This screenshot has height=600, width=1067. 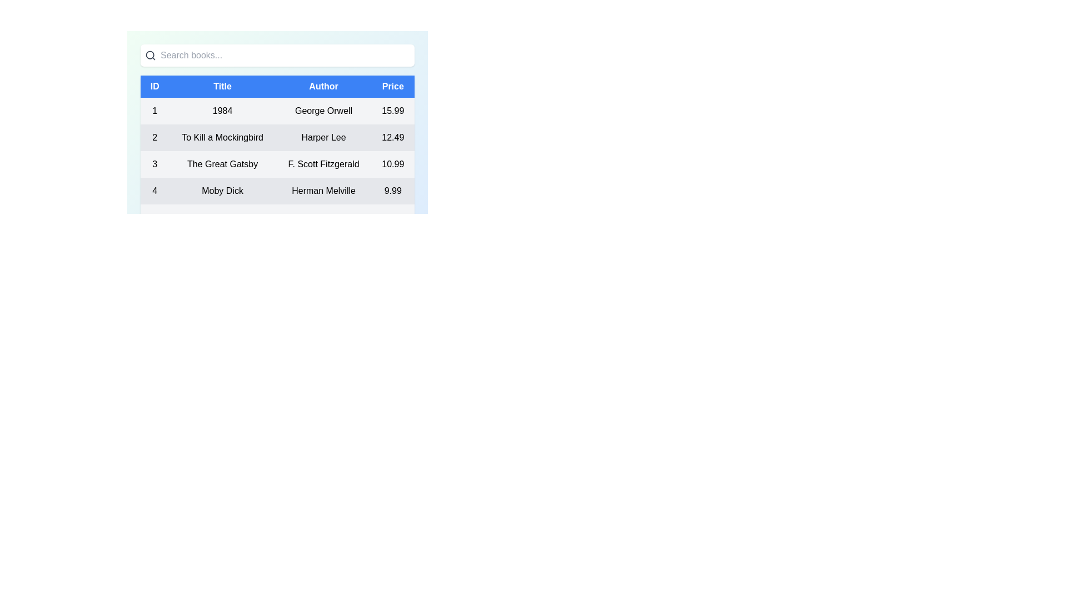 What do you see at coordinates (277, 137) in the screenshot?
I see `the second row of the table displaying details about a specific book` at bounding box center [277, 137].